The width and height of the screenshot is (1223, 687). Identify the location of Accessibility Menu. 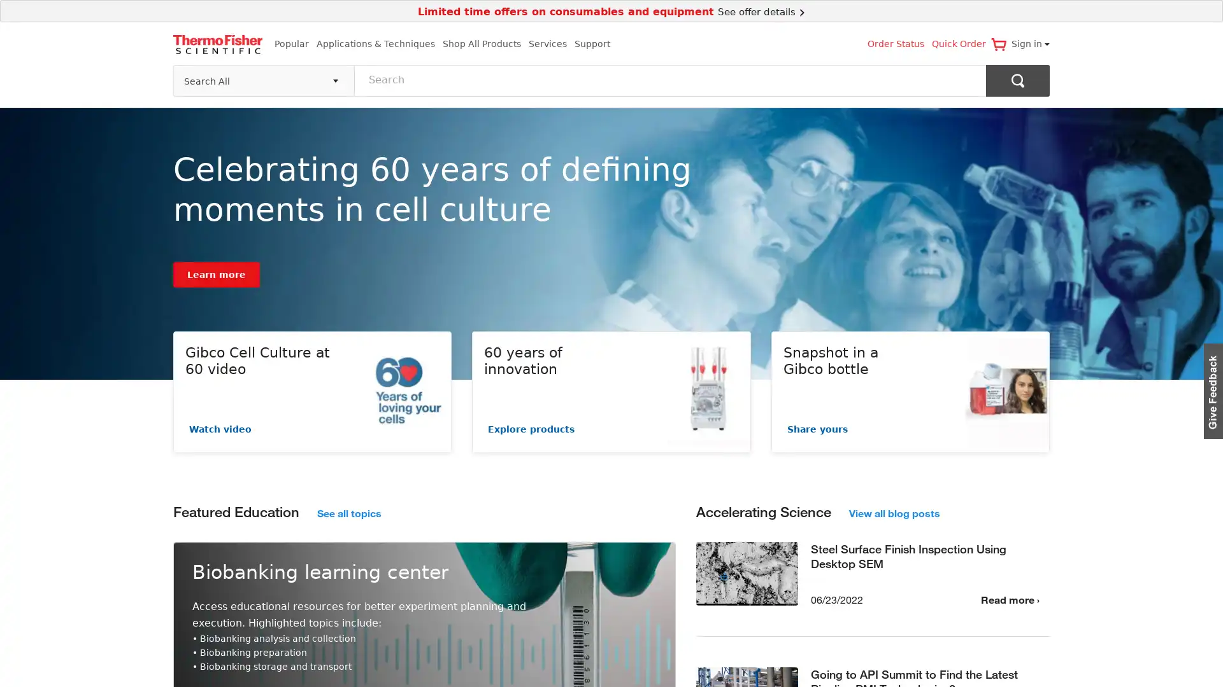
(22, 663).